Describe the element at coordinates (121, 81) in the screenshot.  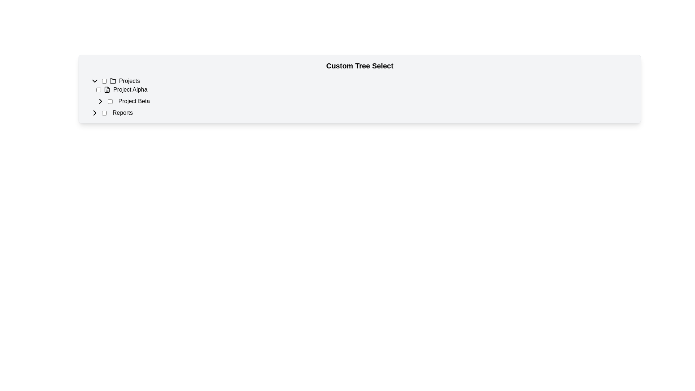
I see `the 'Projects' text label, which is the first item in a vertical list and has a checkbox and folder icon to its left` at that location.